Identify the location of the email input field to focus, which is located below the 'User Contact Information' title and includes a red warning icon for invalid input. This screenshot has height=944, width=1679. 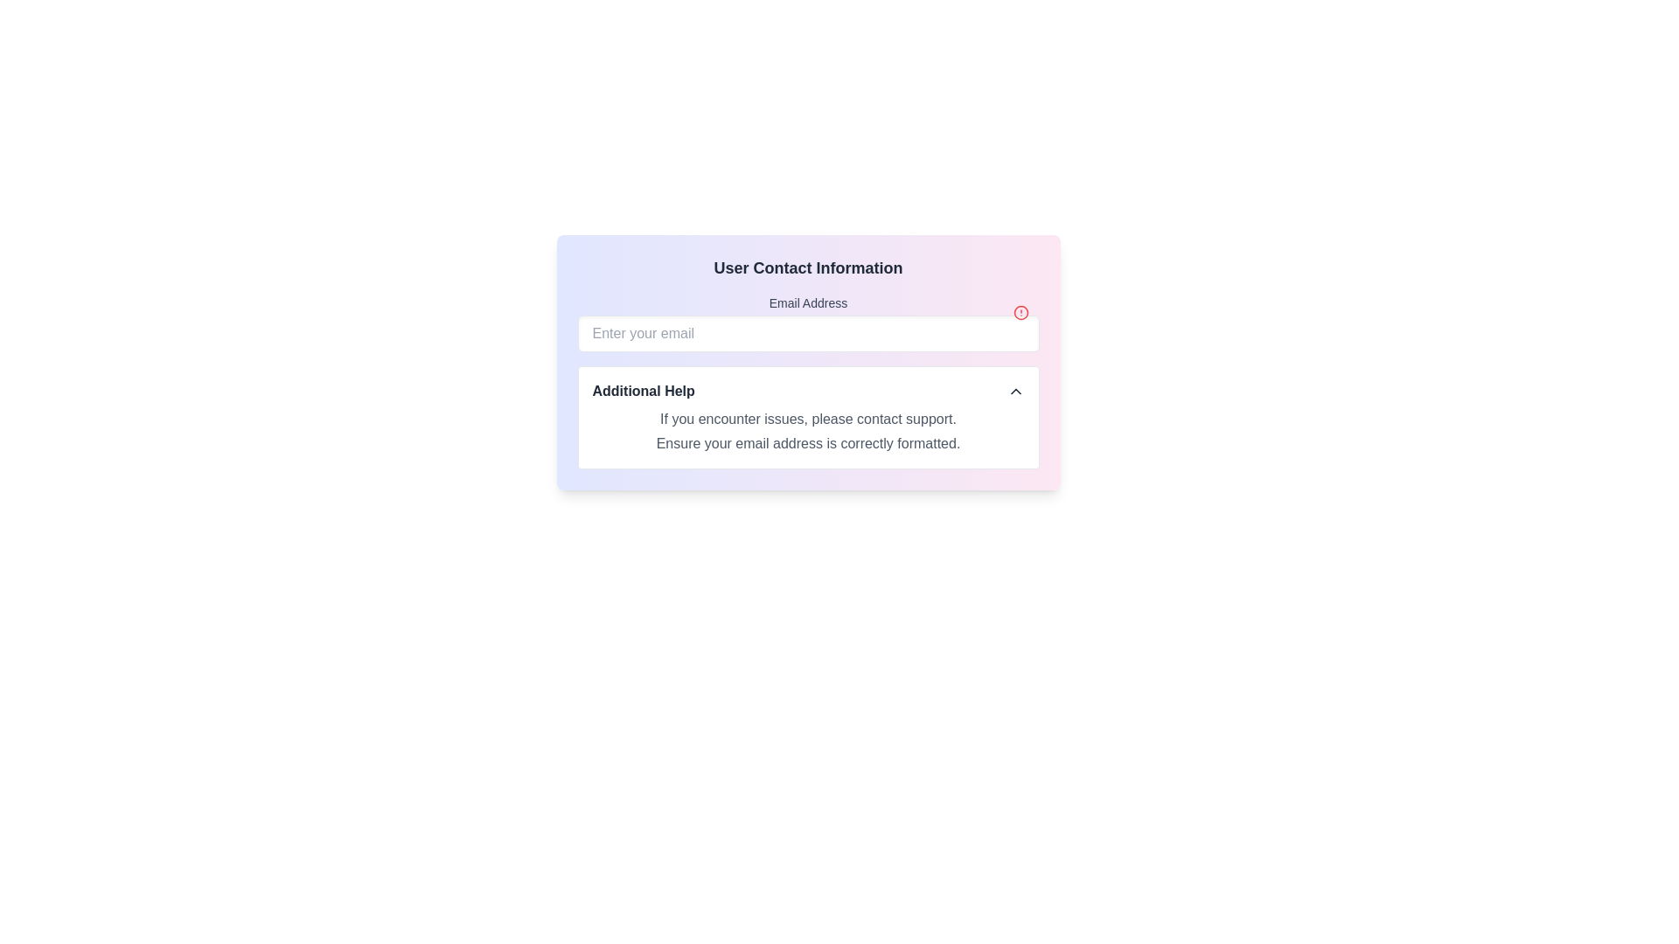
(807, 323).